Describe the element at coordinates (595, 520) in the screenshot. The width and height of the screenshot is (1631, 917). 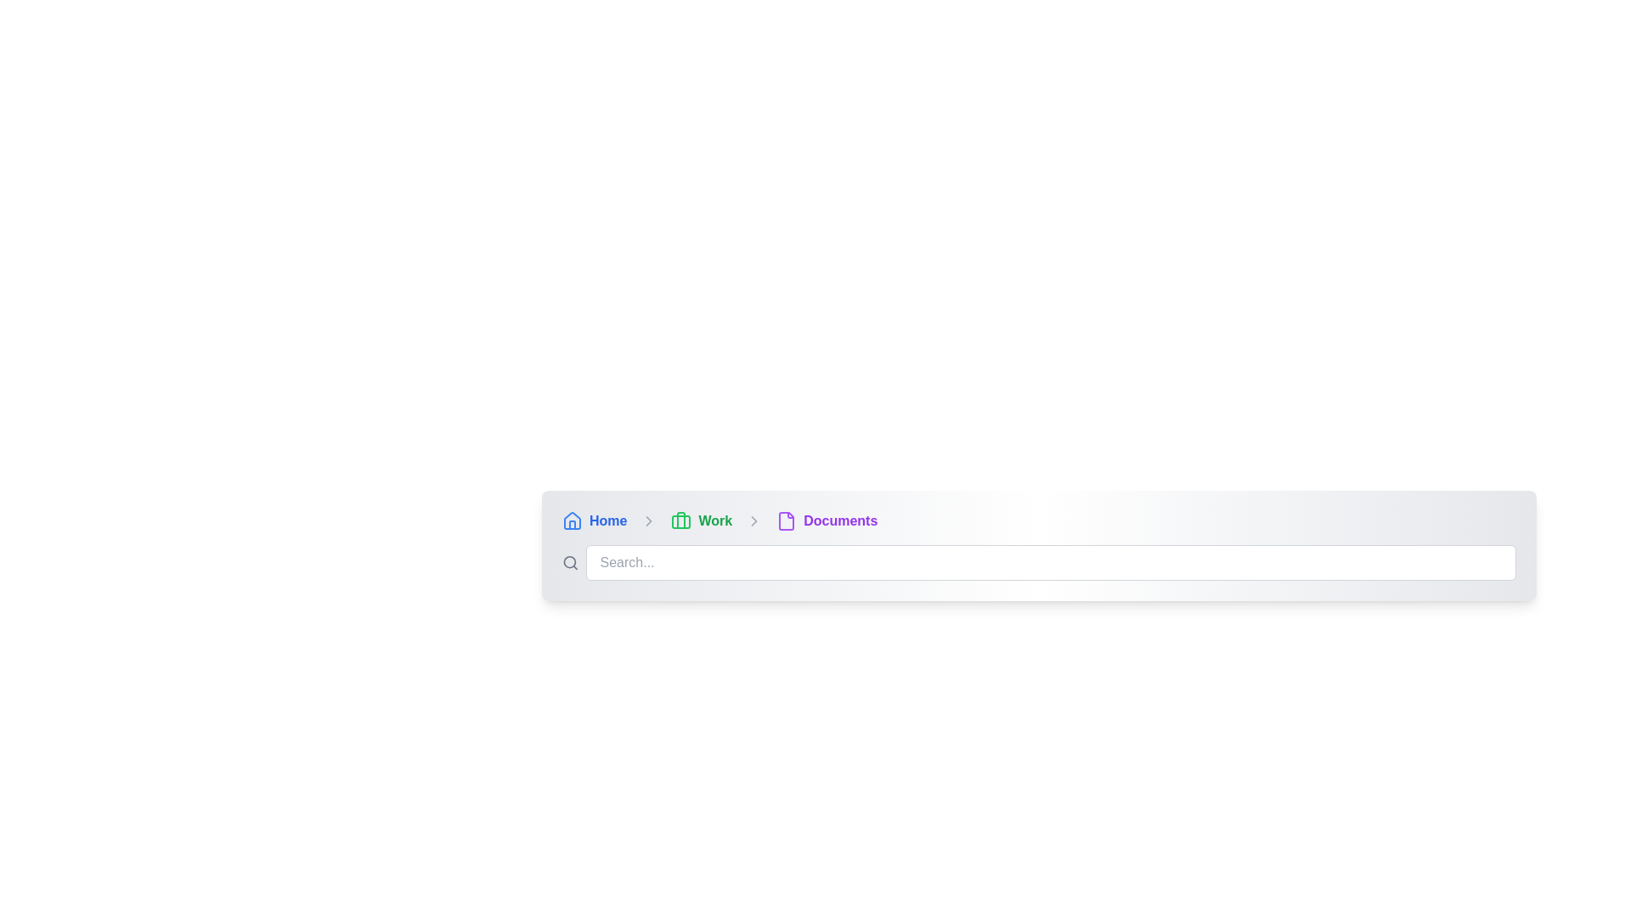
I see `the breadcrumb link labeled 'Home' with a blue font and a house-shaped icon` at that location.